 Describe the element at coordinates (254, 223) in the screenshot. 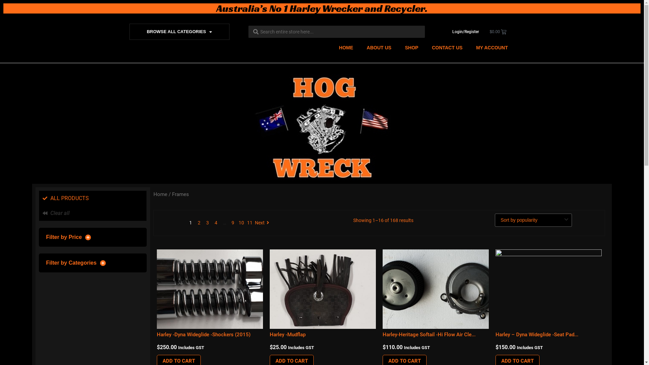

I see `'Next'` at that location.